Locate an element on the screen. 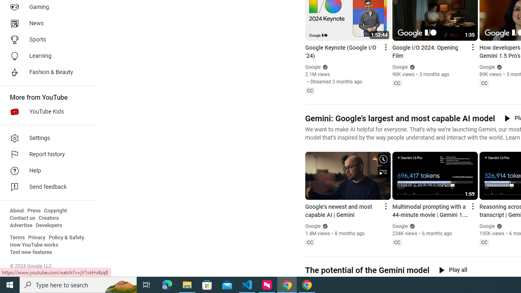 The width and height of the screenshot is (521, 293). 'Action menu' is located at coordinates (472, 206).